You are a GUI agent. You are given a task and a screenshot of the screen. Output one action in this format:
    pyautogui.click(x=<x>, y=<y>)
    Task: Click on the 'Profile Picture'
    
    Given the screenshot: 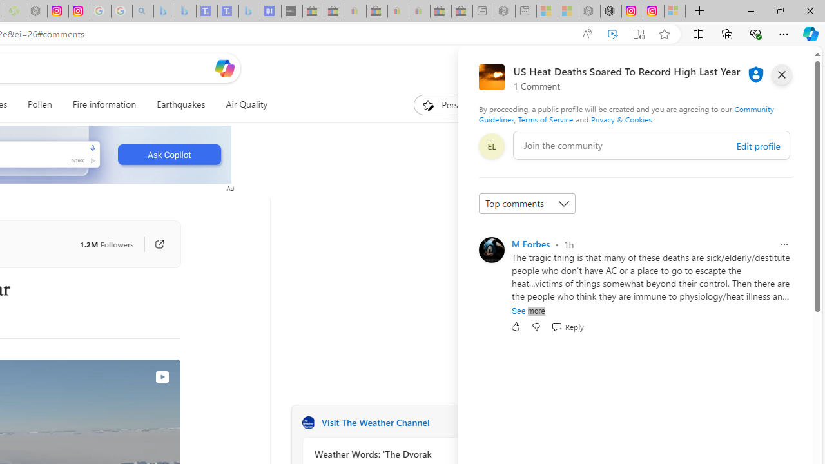 What is the action you would take?
    pyautogui.click(x=490, y=250)
    